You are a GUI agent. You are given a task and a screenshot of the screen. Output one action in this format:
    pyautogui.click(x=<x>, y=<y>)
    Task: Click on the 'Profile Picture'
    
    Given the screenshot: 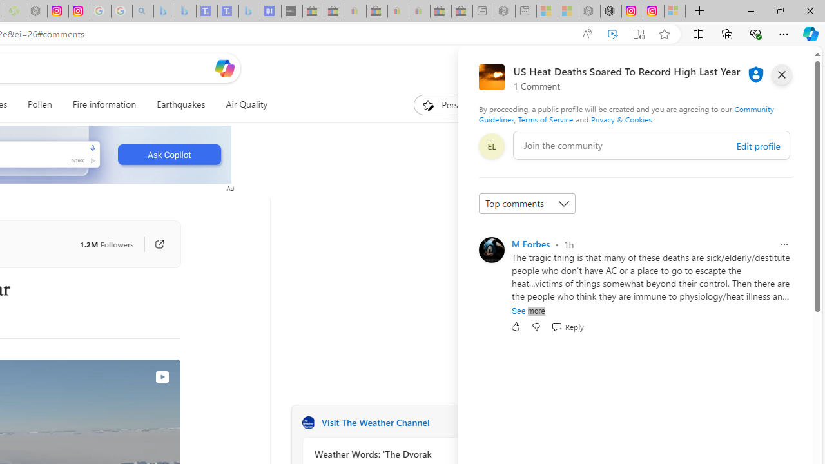 What is the action you would take?
    pyautogui.click(x=490, y=250)
    